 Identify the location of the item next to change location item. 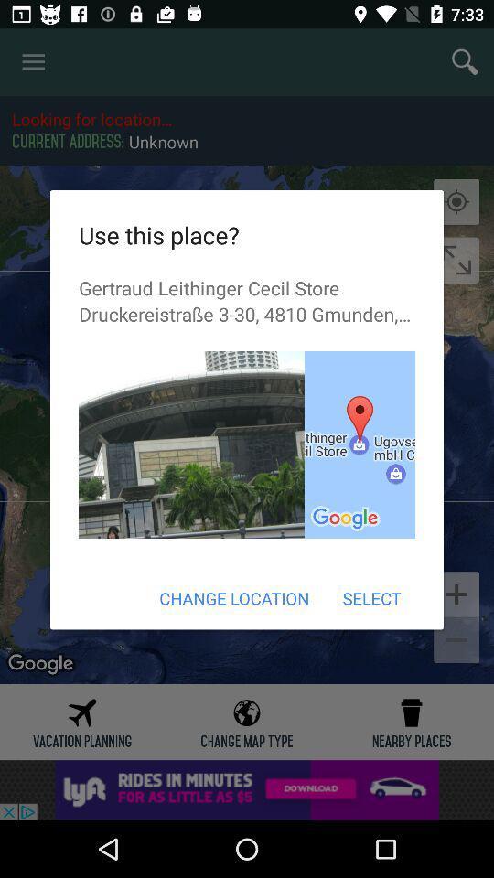
(370, 597).